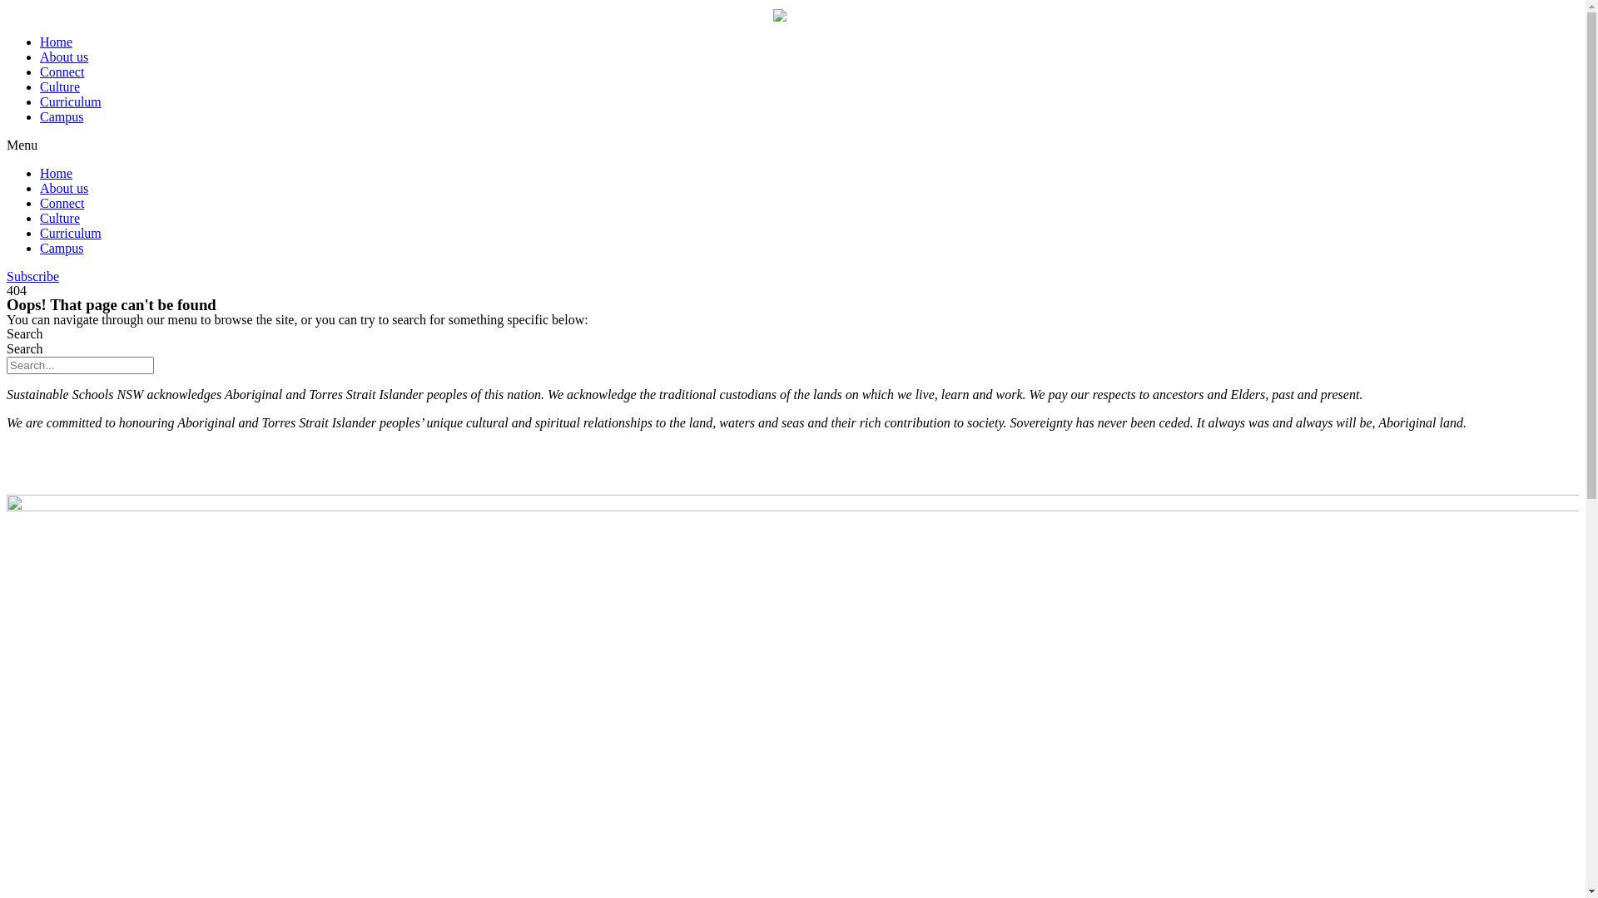 This screenshot has height=898, width=1598. What do you see at coordinates (61, 116) in the screenshot?
I see `'Campus'` at bounding box center [61, 116].